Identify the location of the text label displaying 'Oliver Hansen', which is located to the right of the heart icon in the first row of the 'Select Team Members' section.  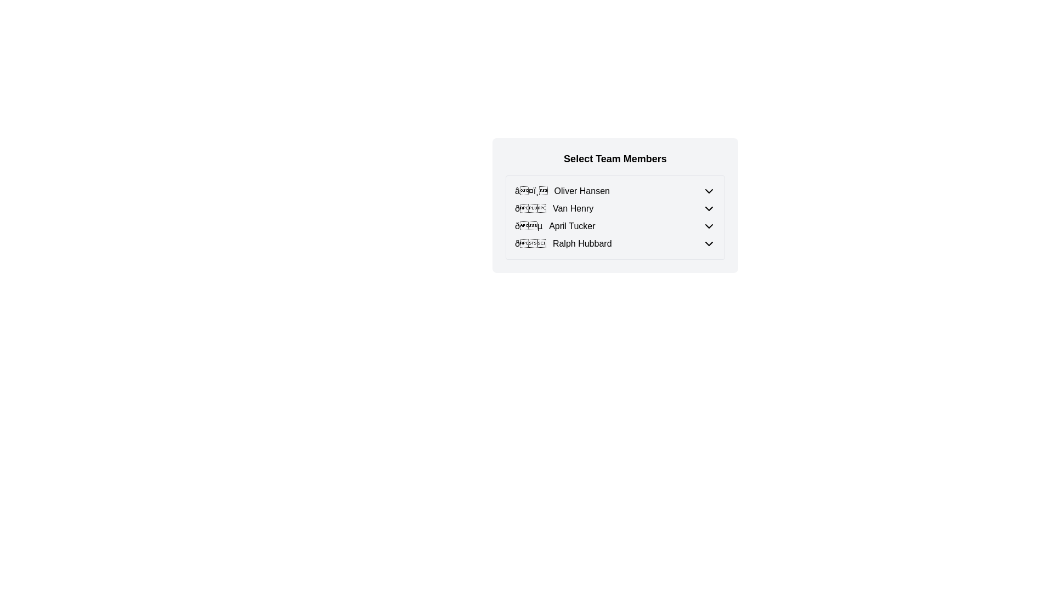
(581, 190).